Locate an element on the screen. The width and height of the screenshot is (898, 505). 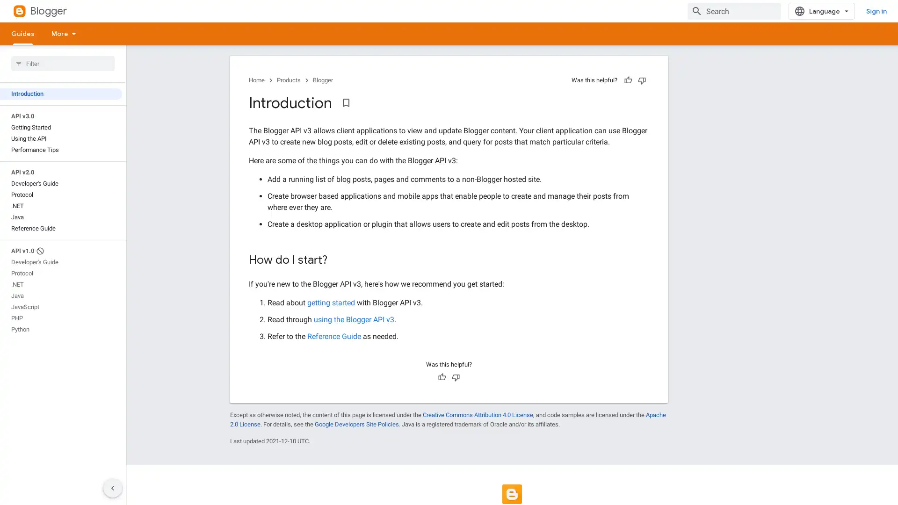
Not helpful is located at coordinates (456, 376).